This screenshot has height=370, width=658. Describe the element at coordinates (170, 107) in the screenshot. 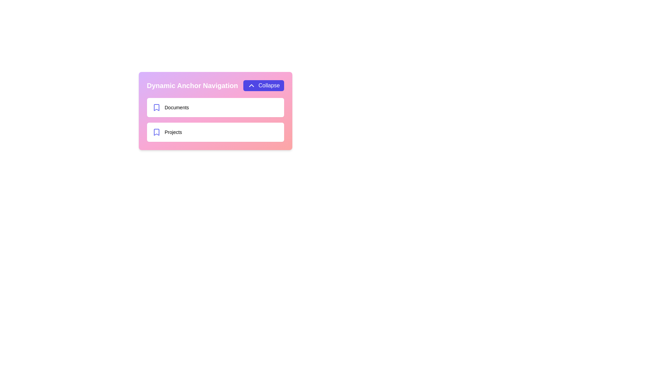

I see `the 'Documents' navigation button located at the top of the vertically stacked list, within a rounded white box below the title 'Dynamic Anchor Navigation'` at that location.